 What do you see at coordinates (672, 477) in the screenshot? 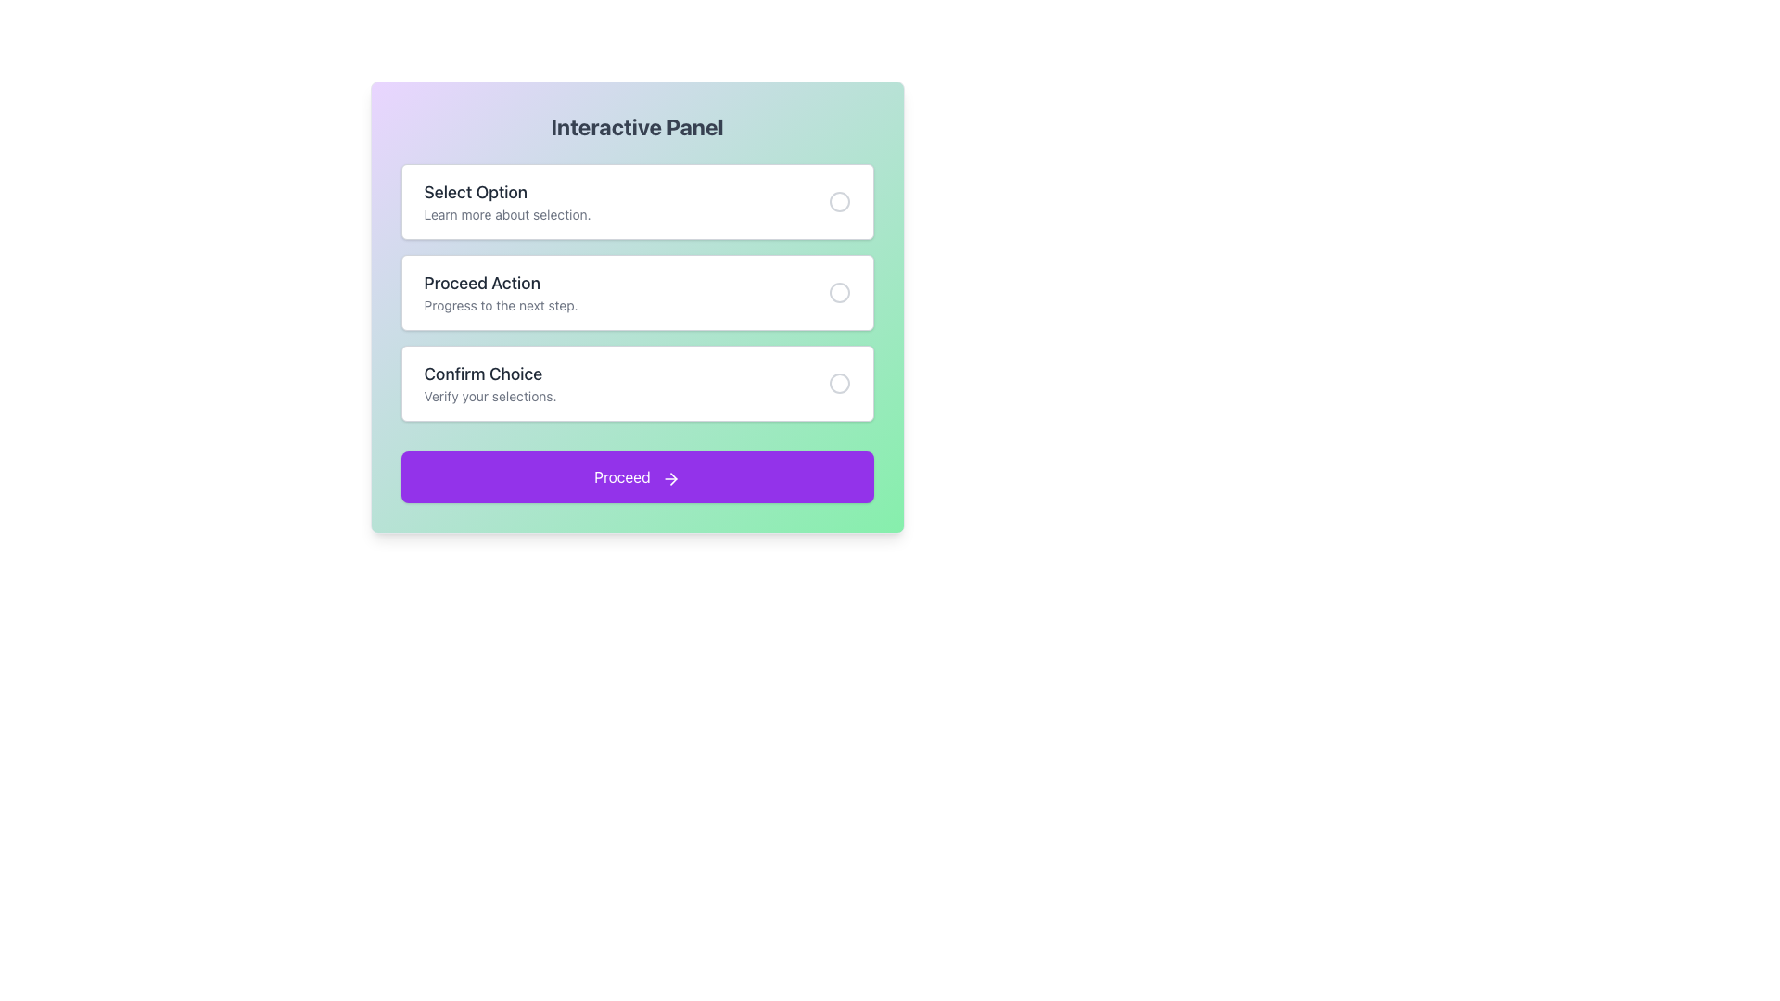
I see `the right-pointing arrow icon located immediately to the right of the text 'Proceed' within the purple action button at the bottom of the interactive panel` at bounding box center [672, 477].